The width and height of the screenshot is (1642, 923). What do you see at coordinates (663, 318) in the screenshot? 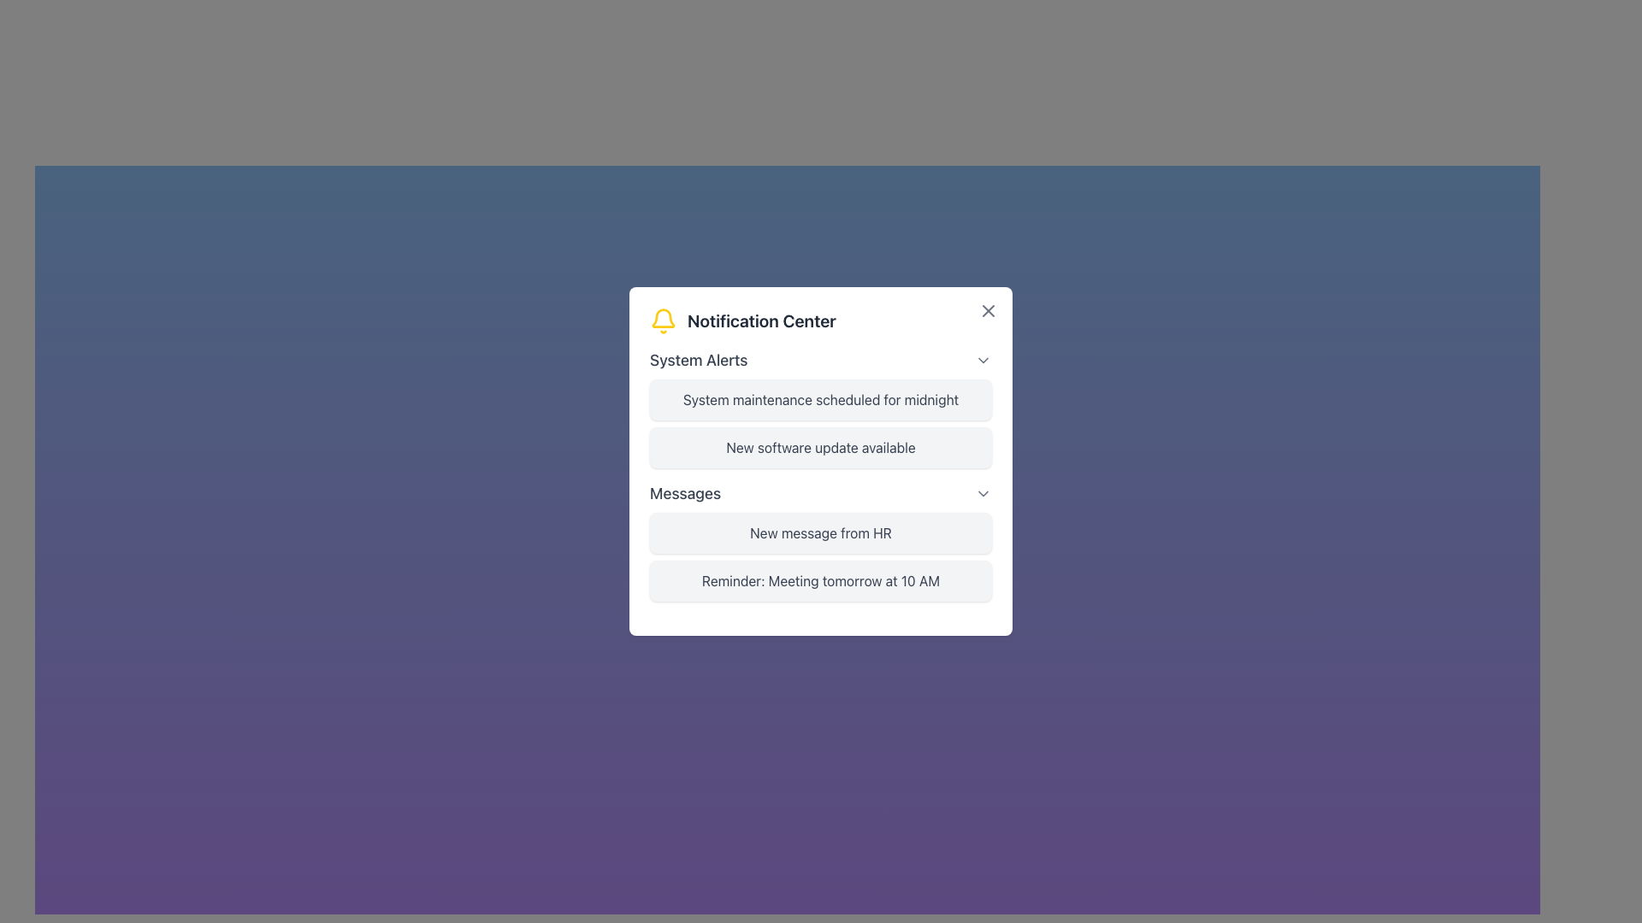
I see `the base portion of the bell icon in the notification panel header, positioned before the 'Notification Center' text` at bounding box center [663, 318].